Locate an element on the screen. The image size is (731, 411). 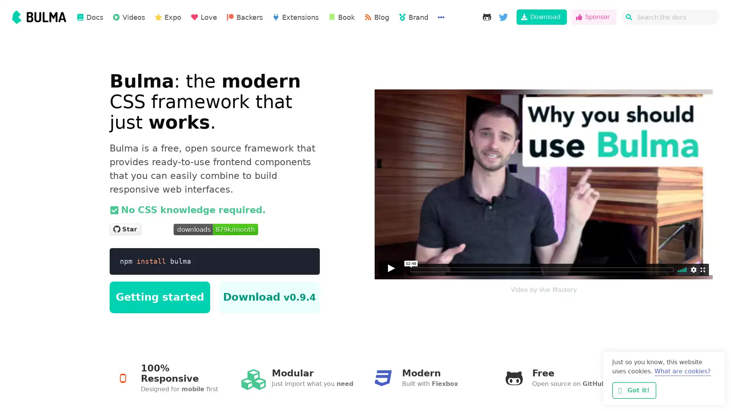
Copy is located at coordinates (298, 261).